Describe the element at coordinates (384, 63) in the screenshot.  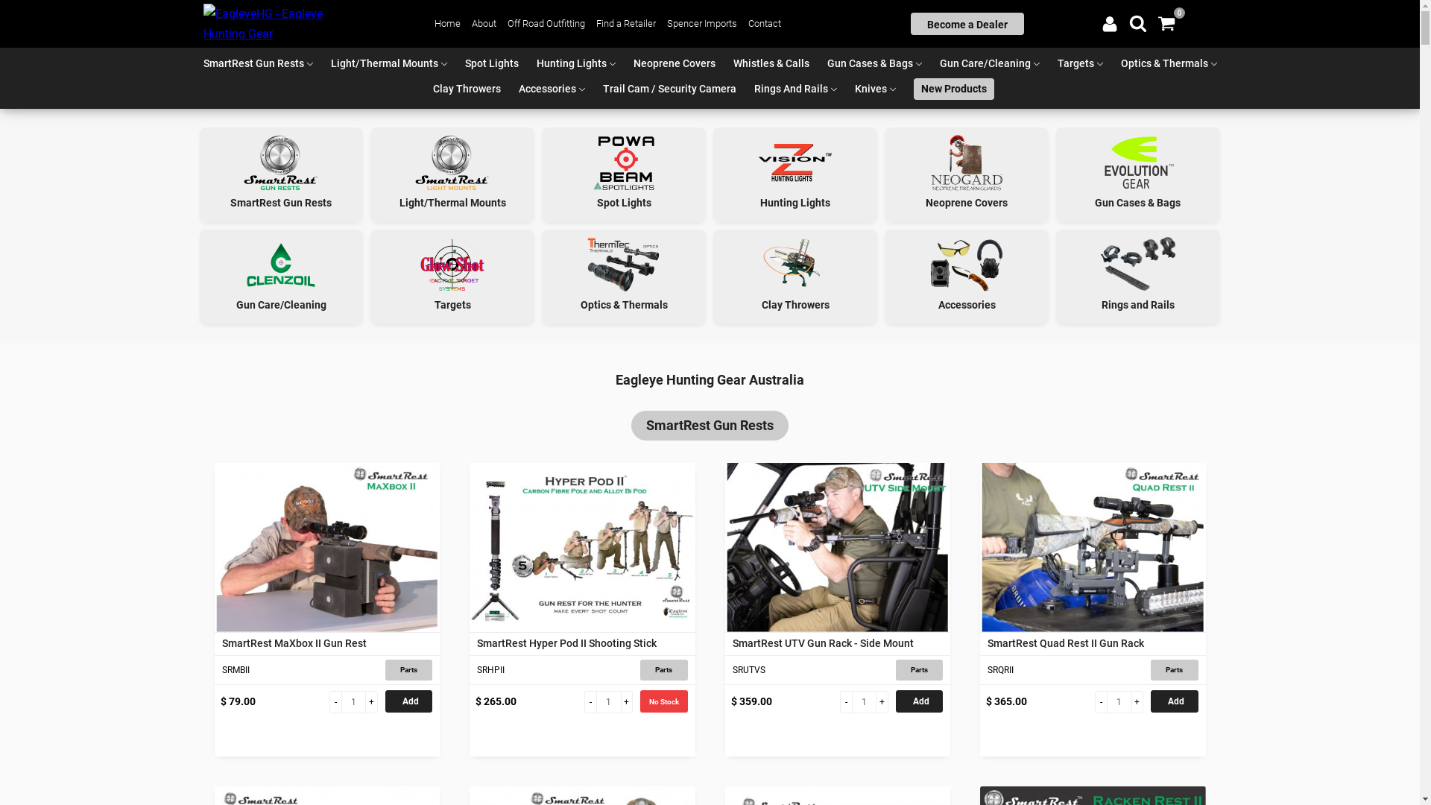
I see `'Light/Thermal Mounts'` at that location.